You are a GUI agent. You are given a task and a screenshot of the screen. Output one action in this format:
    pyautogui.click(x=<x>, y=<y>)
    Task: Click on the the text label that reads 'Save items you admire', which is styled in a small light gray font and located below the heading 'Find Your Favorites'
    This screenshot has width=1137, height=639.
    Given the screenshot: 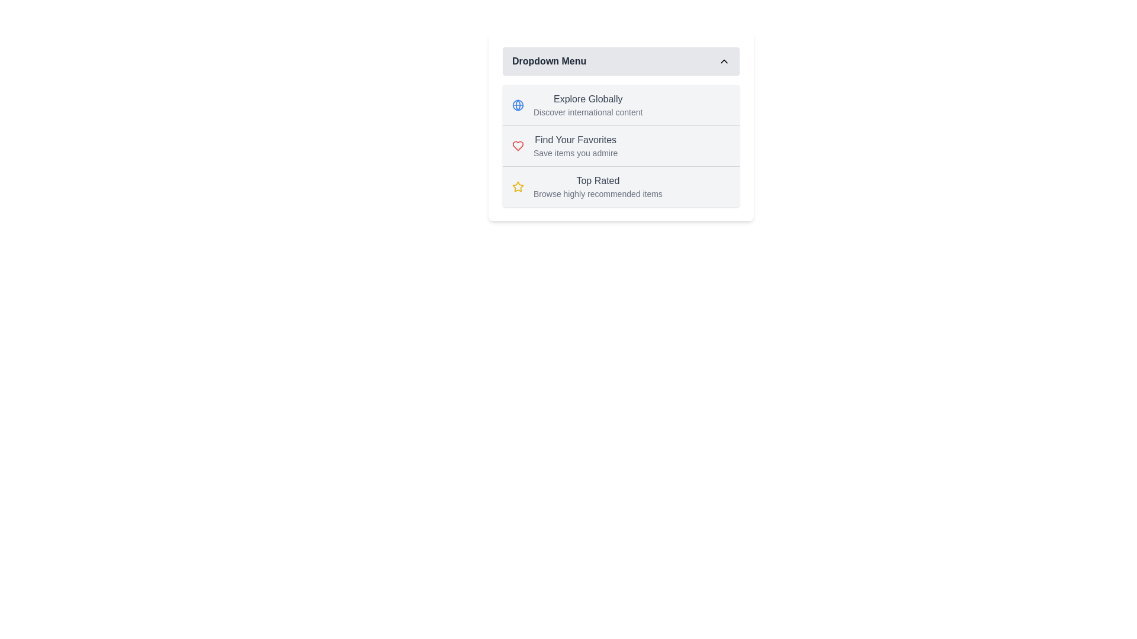 What is the action you would take?
    pyautogui.click(x=576, y=152)
    